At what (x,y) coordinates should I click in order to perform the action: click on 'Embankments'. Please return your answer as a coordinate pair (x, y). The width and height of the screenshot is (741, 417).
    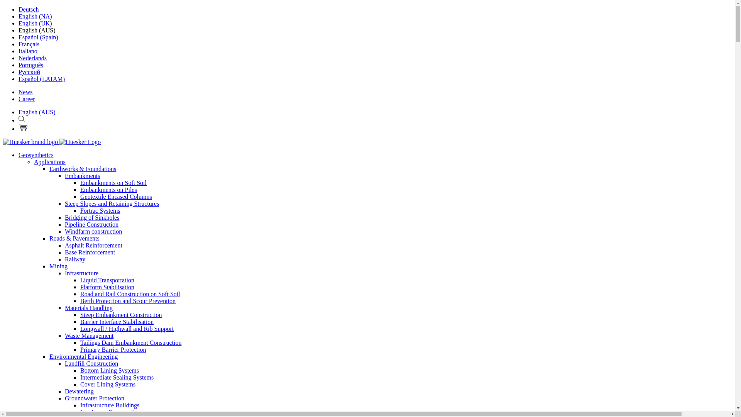
    Looking at the image, I should click on (83, 176).